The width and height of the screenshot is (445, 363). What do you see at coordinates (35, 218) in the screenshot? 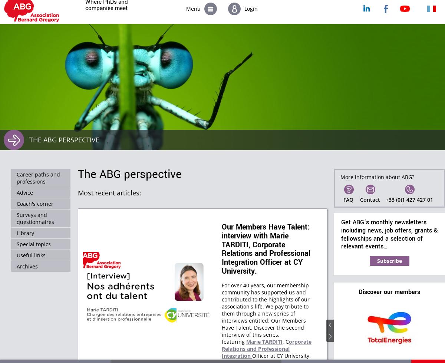
I see `'Surveys and questionnaires'` at bounding box center [35, 218].